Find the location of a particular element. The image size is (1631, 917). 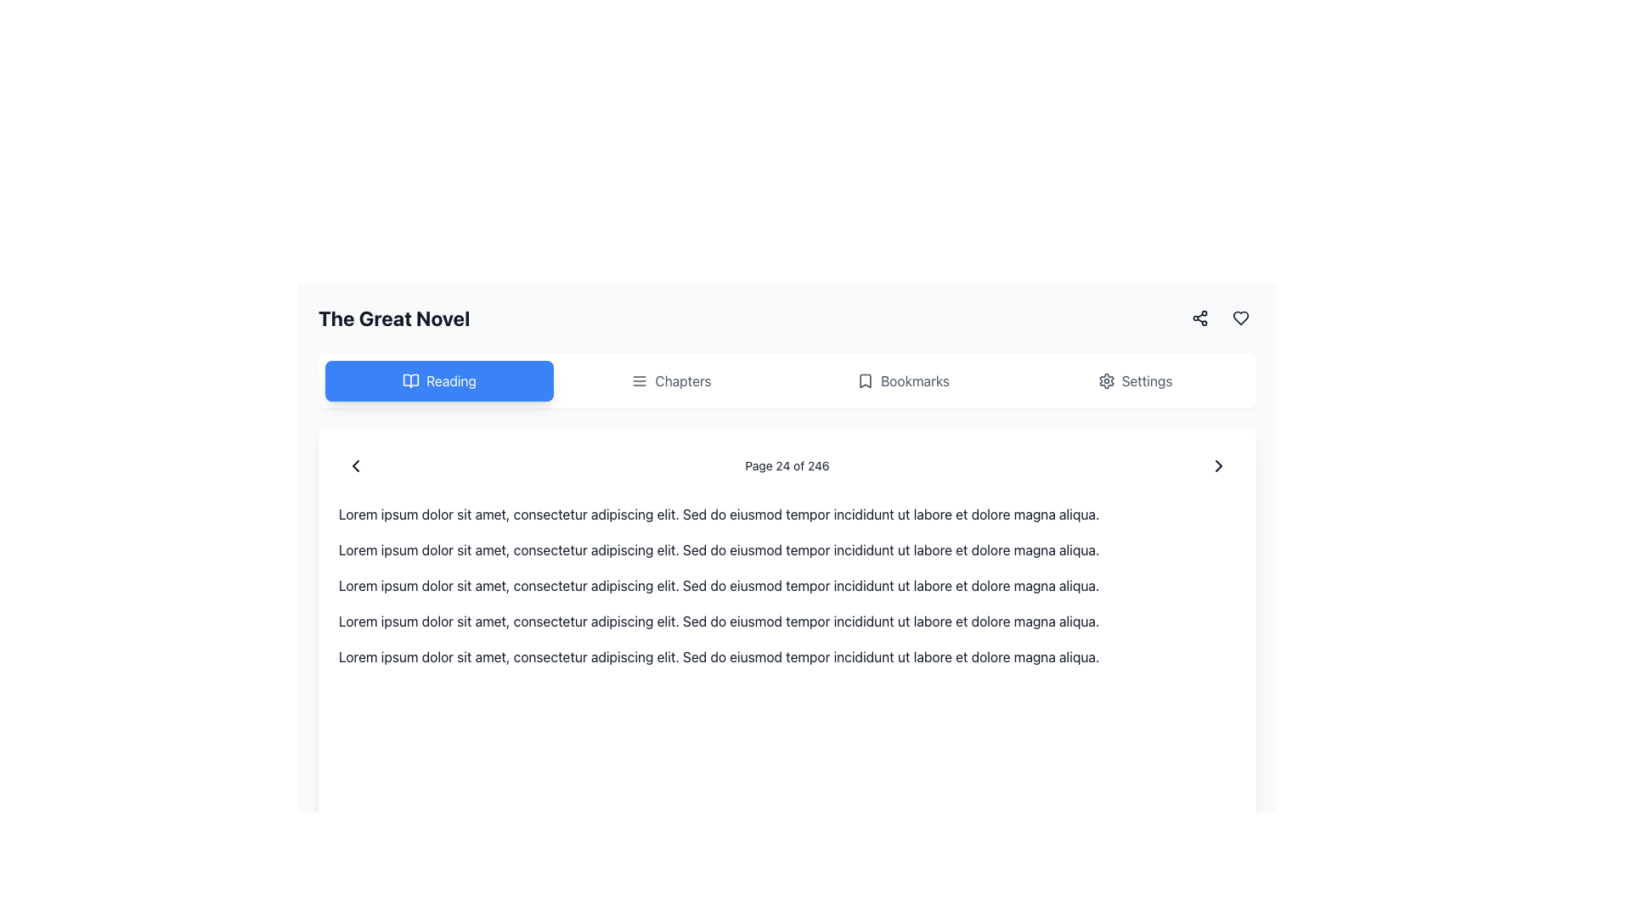

the 'Reading' text label located inside the blue button in the header area, which is positioned to the left of options like 'Chapters', 'Bookmarks', and 'Settings' is located at coordinates (451, 380).